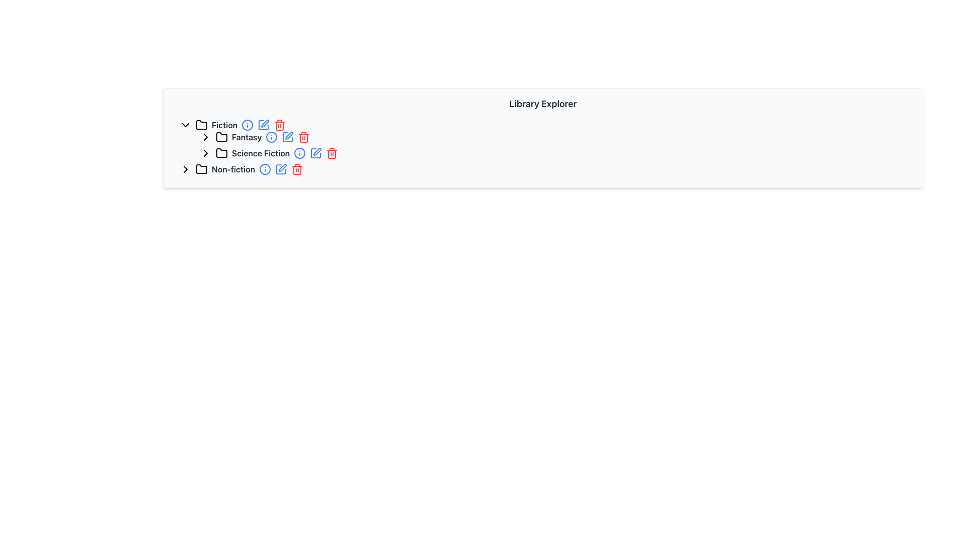  What do you see at coordinates (201, 124) in the screenshot?
I see `the folder icon representing the 'Fiction' category, which is located adjacent to the text label 'Fiction'` at bounding box center [201, 124].